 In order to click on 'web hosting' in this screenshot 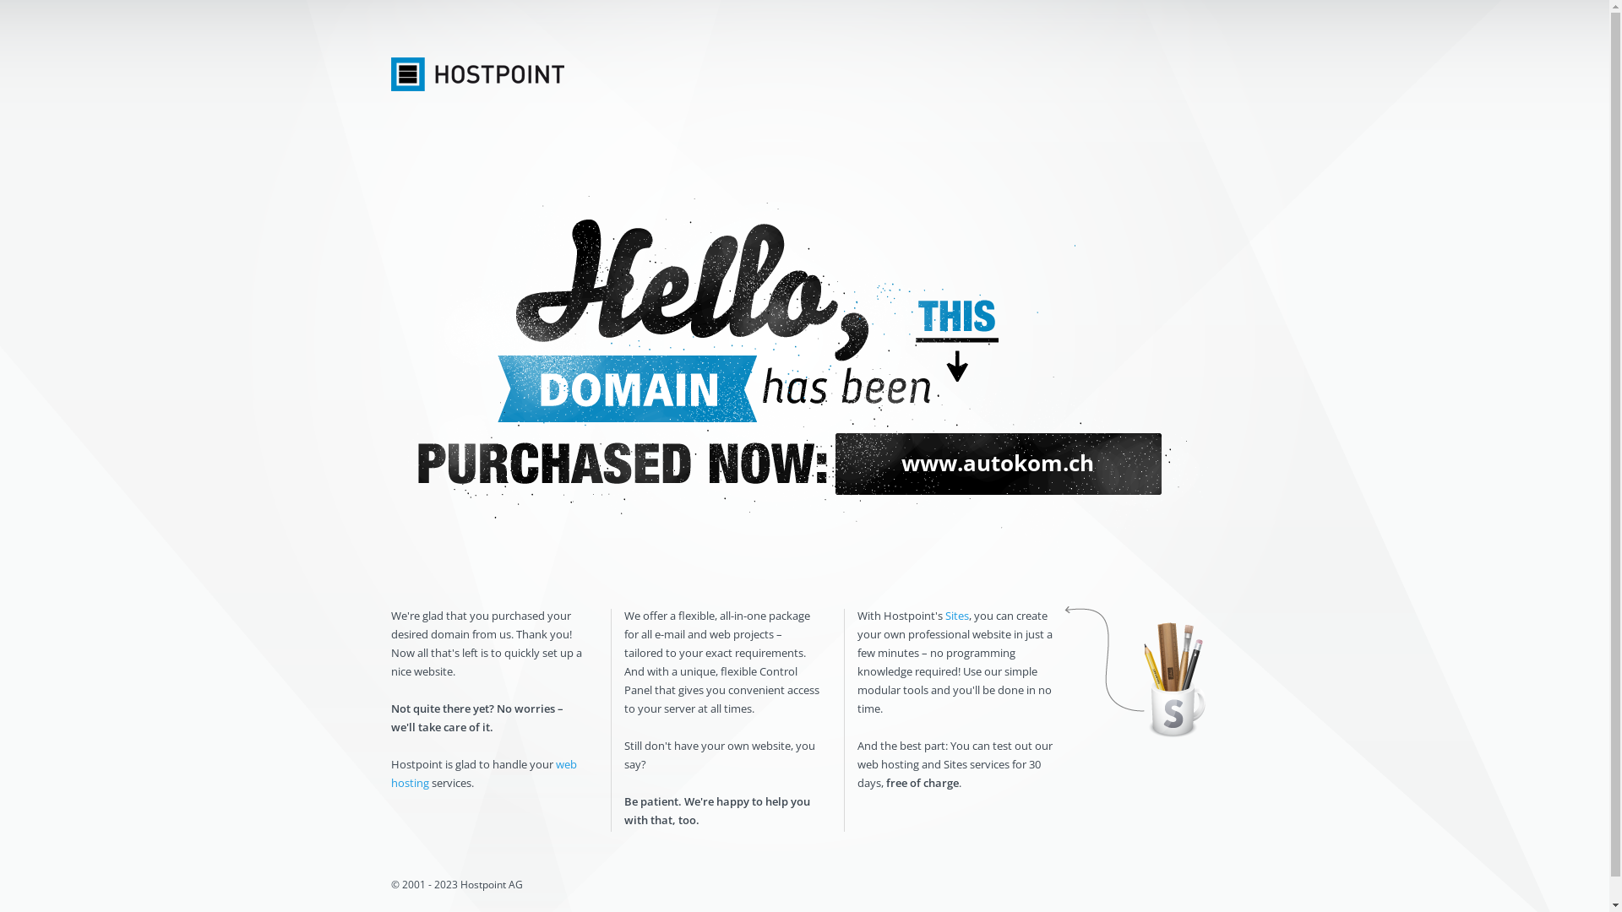, I will do `click(482, 773)`.